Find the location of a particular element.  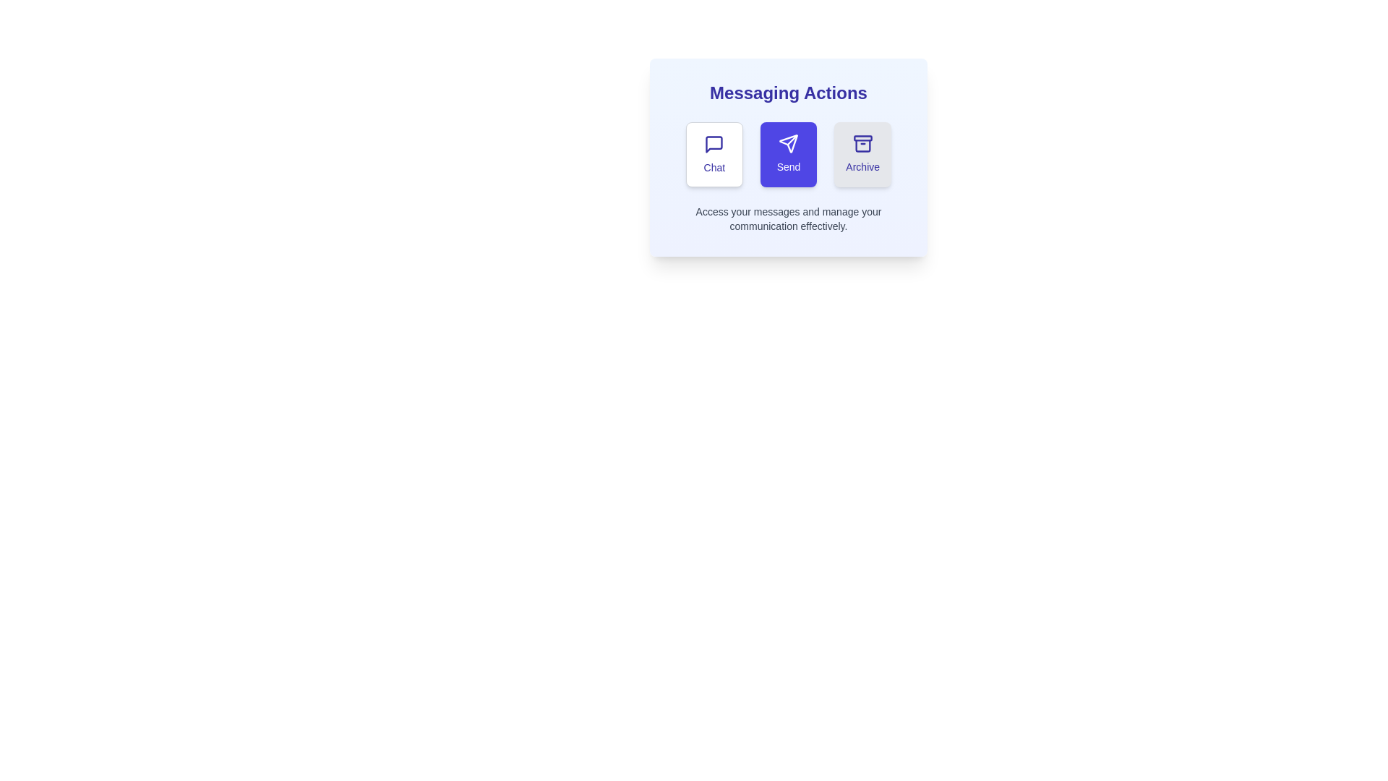

the design of the chat bubble icon, which features a rectangular speech balloon shape with a triangular notch at the bottom-left corner and a blue outlined design, located in the 'Chat' control of the 'Messaging Actions' section is located at coordinates (714, 145).